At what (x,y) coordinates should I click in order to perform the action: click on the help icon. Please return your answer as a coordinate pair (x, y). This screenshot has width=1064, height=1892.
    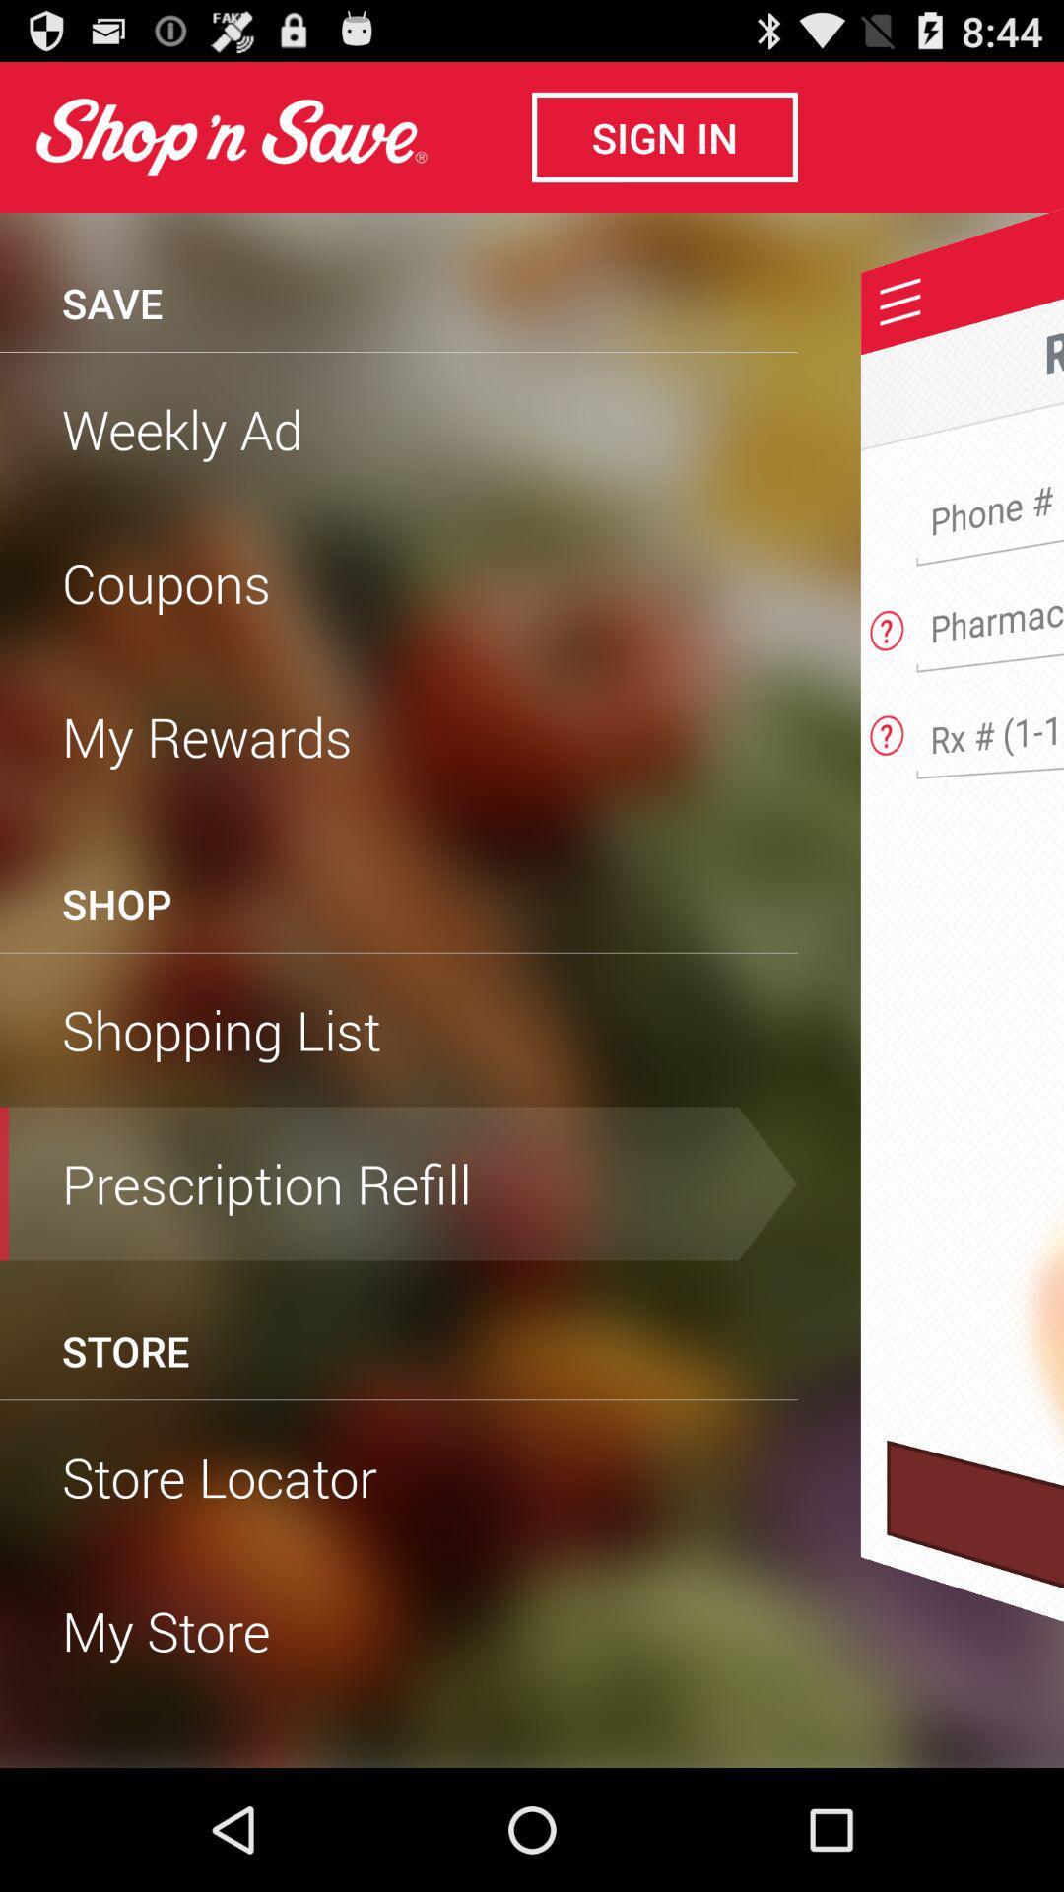
    Looking at the image, I should click on (887, 669).